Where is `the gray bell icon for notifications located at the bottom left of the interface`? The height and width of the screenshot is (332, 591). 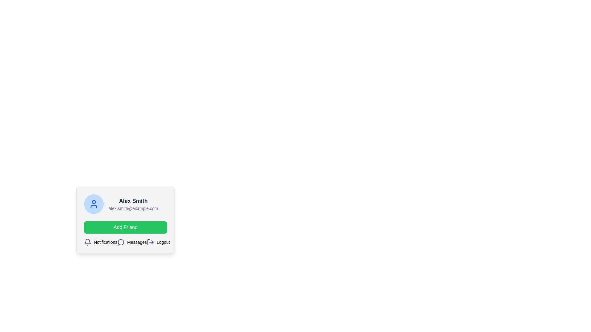 the gray bell icon for notifications located at the bottom left of the interface is located at coordinates (87, 242).